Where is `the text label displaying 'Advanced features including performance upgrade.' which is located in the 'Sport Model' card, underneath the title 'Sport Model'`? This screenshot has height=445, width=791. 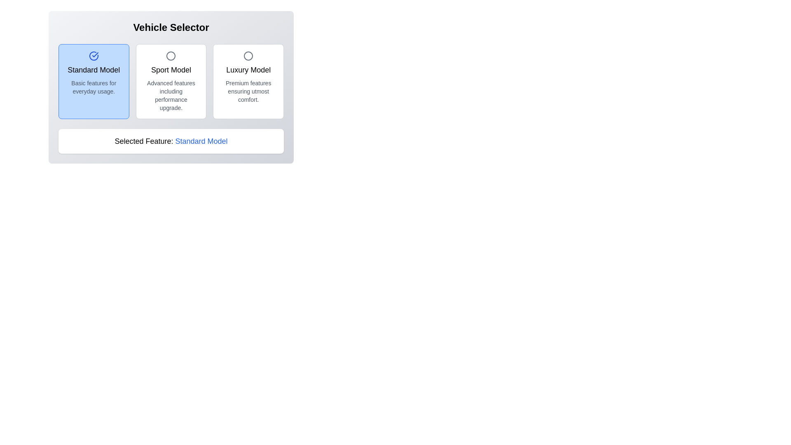
the text label displaying 'Advanced features including performance upgrade.' which is located in the 'Sport Model' card, underneath the title 'Sport Model' is located at coordinates (171, 95).